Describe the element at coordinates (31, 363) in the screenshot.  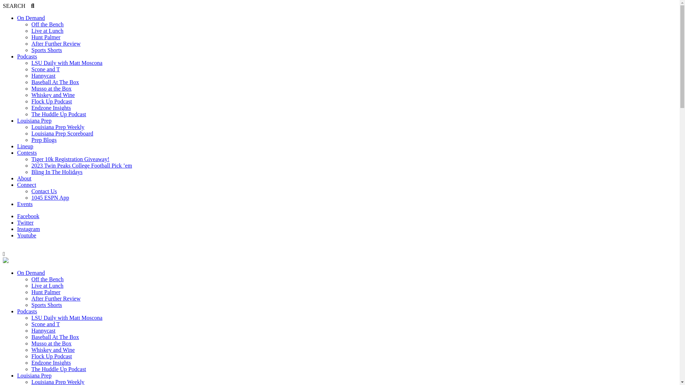
I see `'Endzone Insights'` at that location.